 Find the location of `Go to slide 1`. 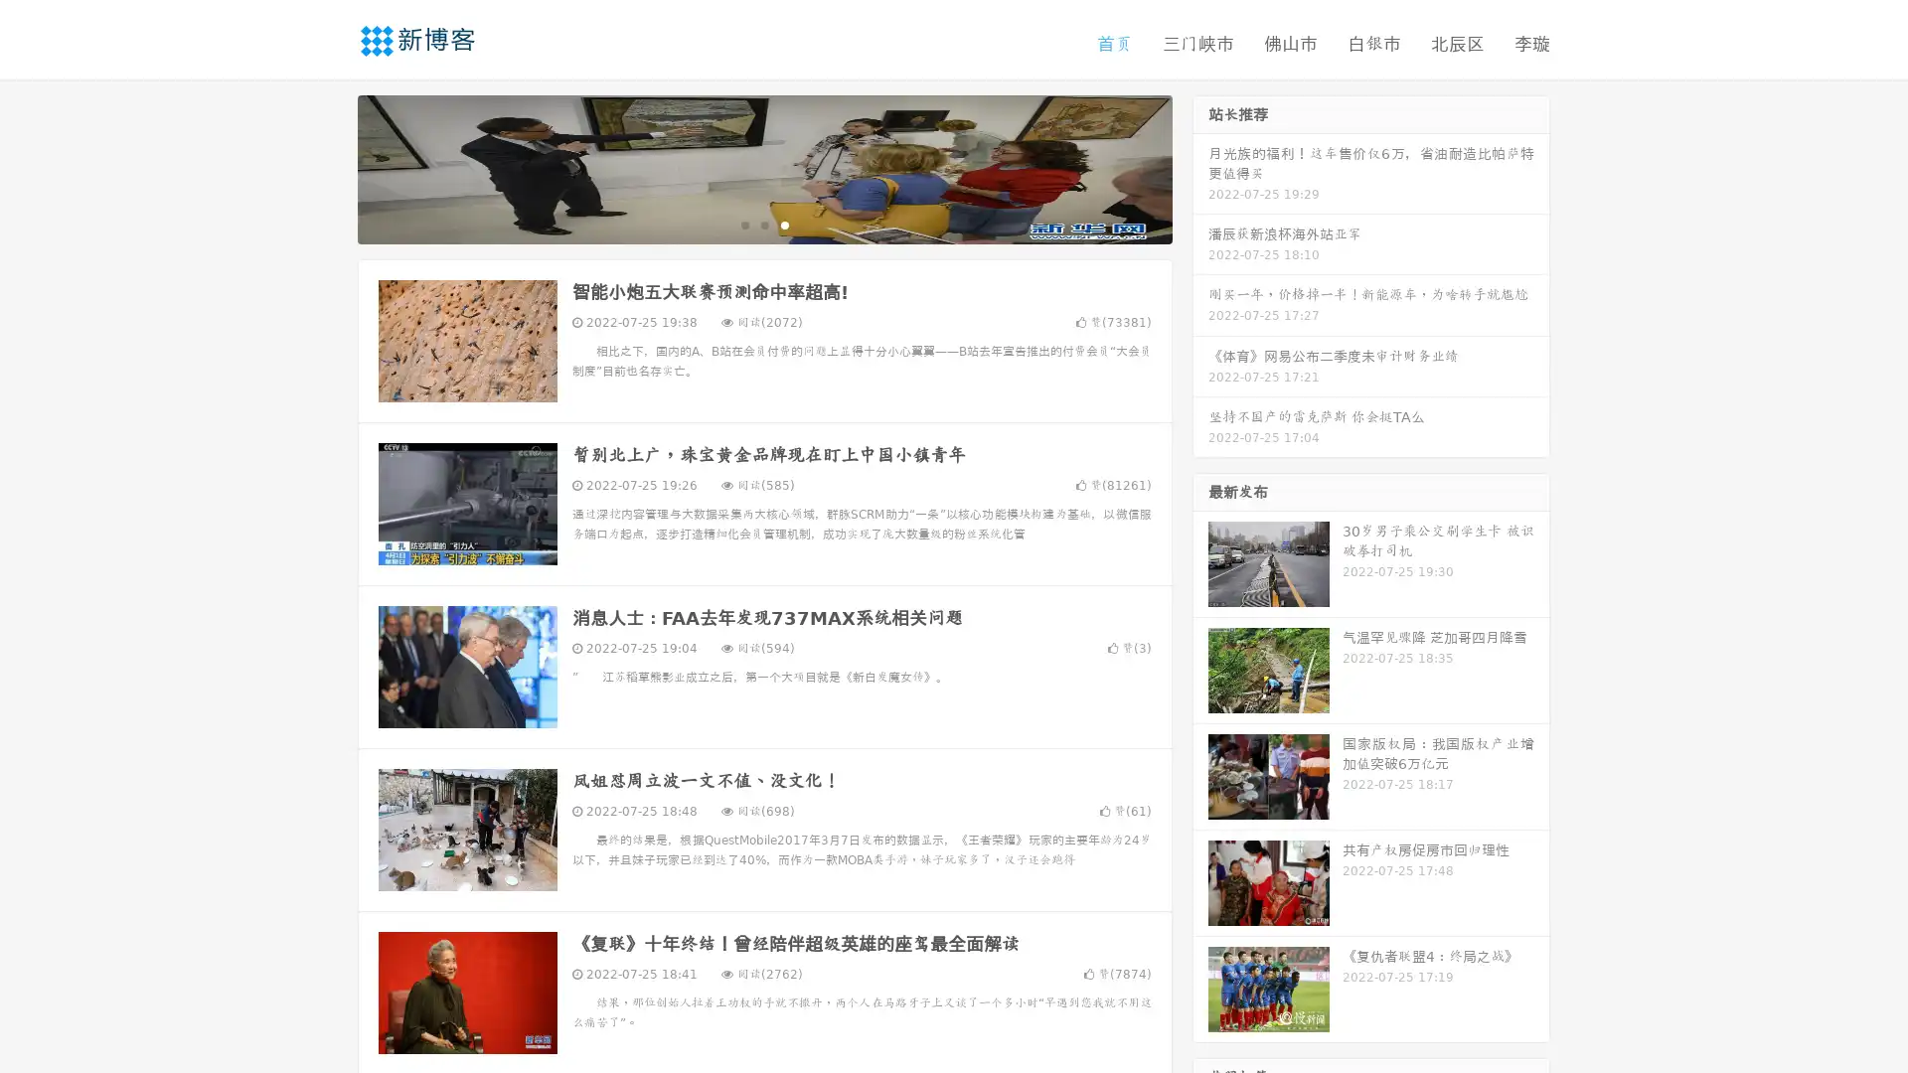

Go to slide 1 is located at coordinates (743, 224).